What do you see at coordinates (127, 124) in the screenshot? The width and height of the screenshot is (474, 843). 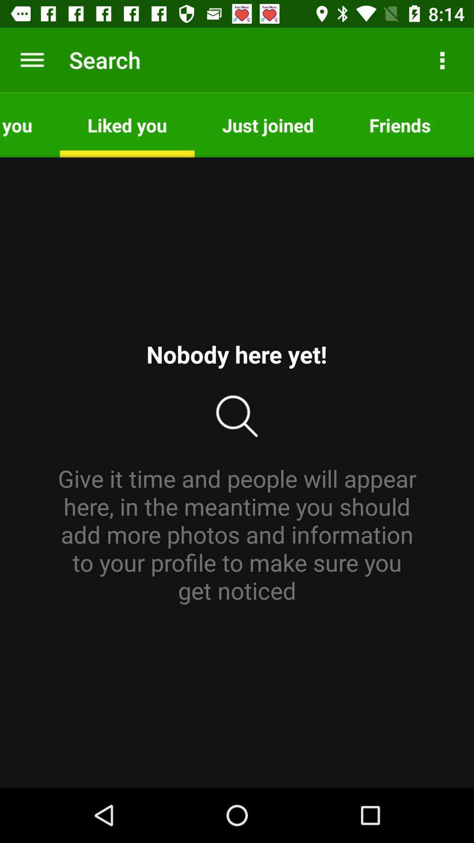 I see `liked you` at bounding box center [127, 124].